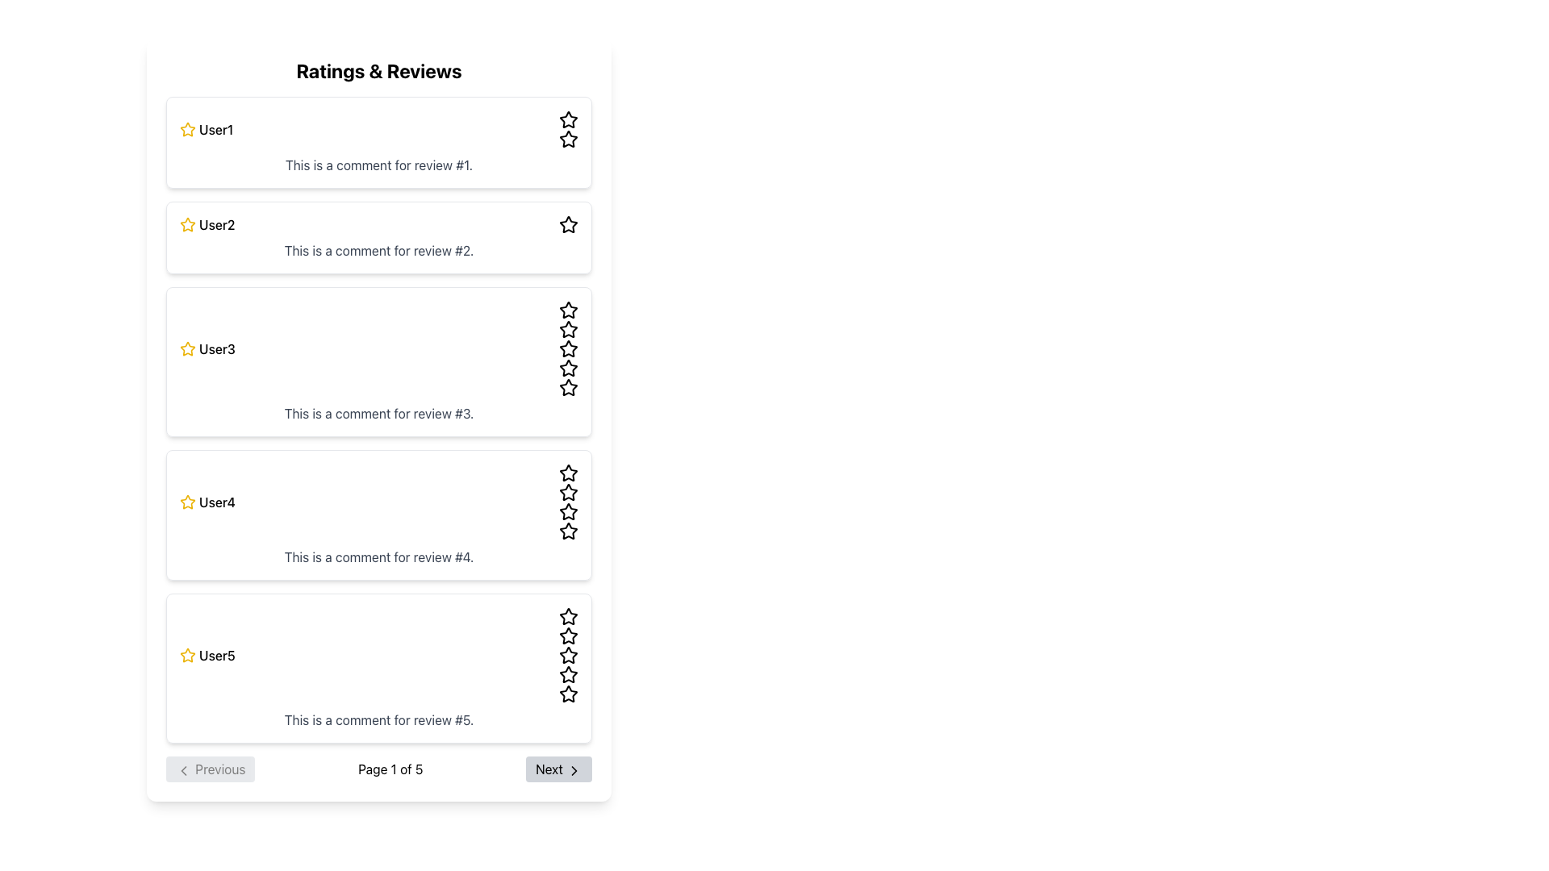 Image resolution: width=1549 pixels, height=871 pixels. Describe the element at coordinates (188, 128) in the screenshot. I see `the first yellow star icon in the rating widget next to 'User1' to rate it` at that location.